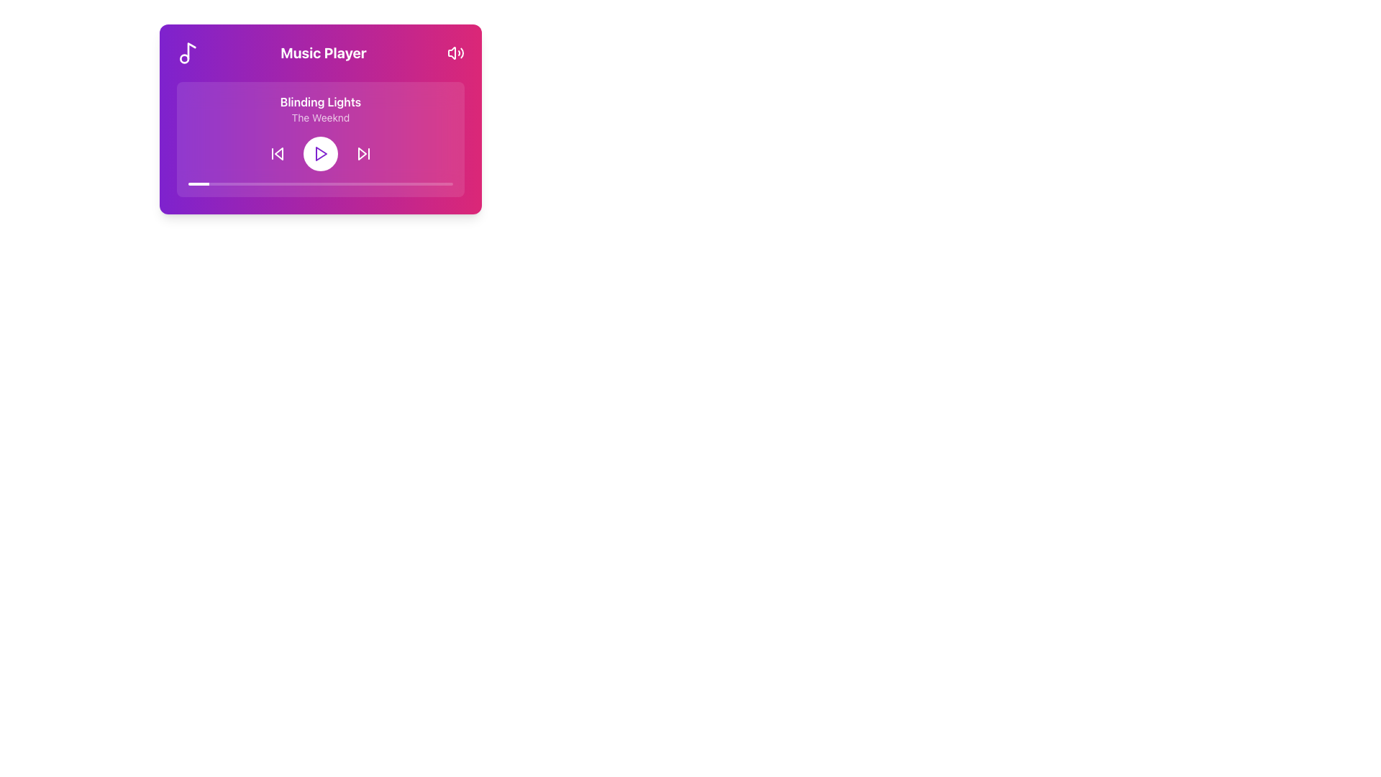 This screenshot has height=777, width=1381. Describe the element at coordinates (279, 153) in the screenshot. I see `the triangular back button with a purple outline in the music player interface` at that location.